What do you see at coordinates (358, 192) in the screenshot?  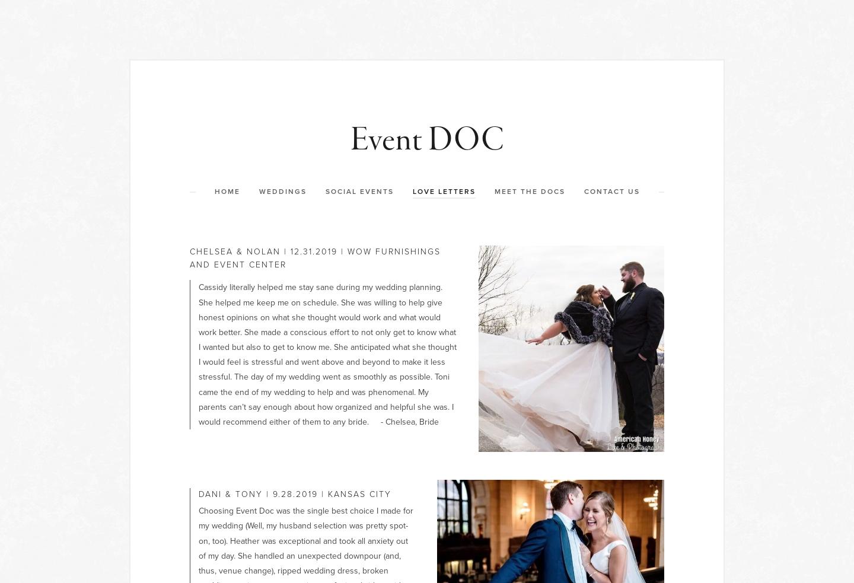 I see `'Social Events'` at bounding box center [358, 192].